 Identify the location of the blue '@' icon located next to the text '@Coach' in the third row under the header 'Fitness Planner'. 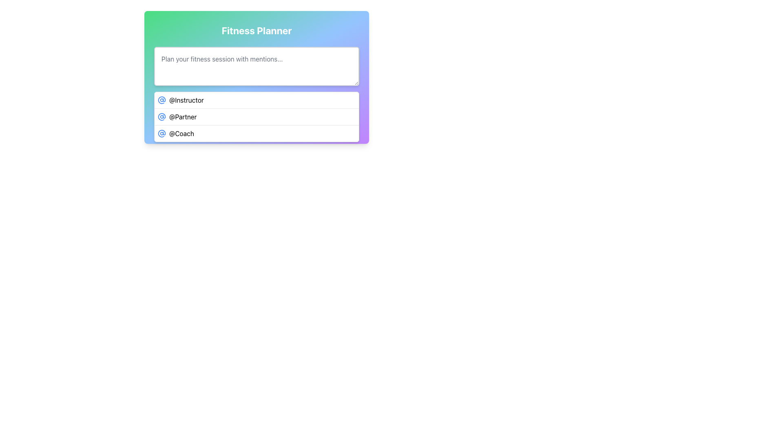
(162, 133).